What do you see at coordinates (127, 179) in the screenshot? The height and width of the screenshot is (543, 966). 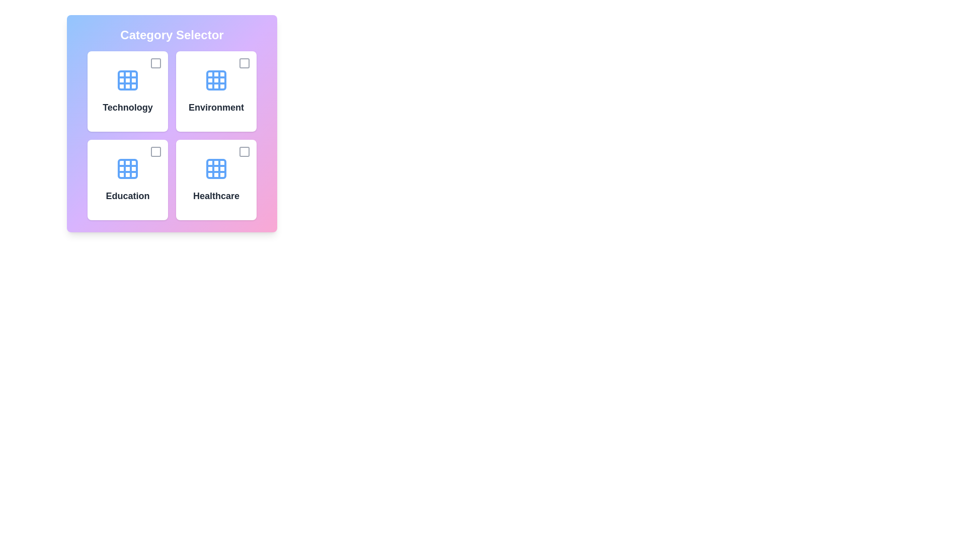 I see `the category card labeled 'Education' to observe the hover animation effect` at bounding box center [127, 179].